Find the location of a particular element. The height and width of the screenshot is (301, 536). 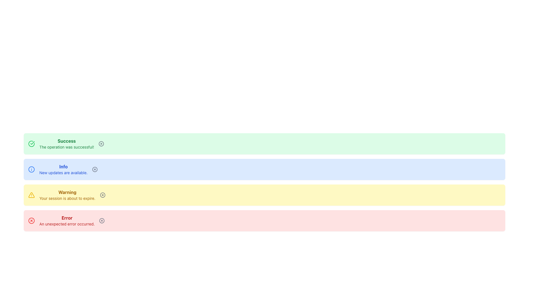

the decorative close circle within the notification icon located at the far-right end of the 'Info' notification section is located at coordinates (95, 169).